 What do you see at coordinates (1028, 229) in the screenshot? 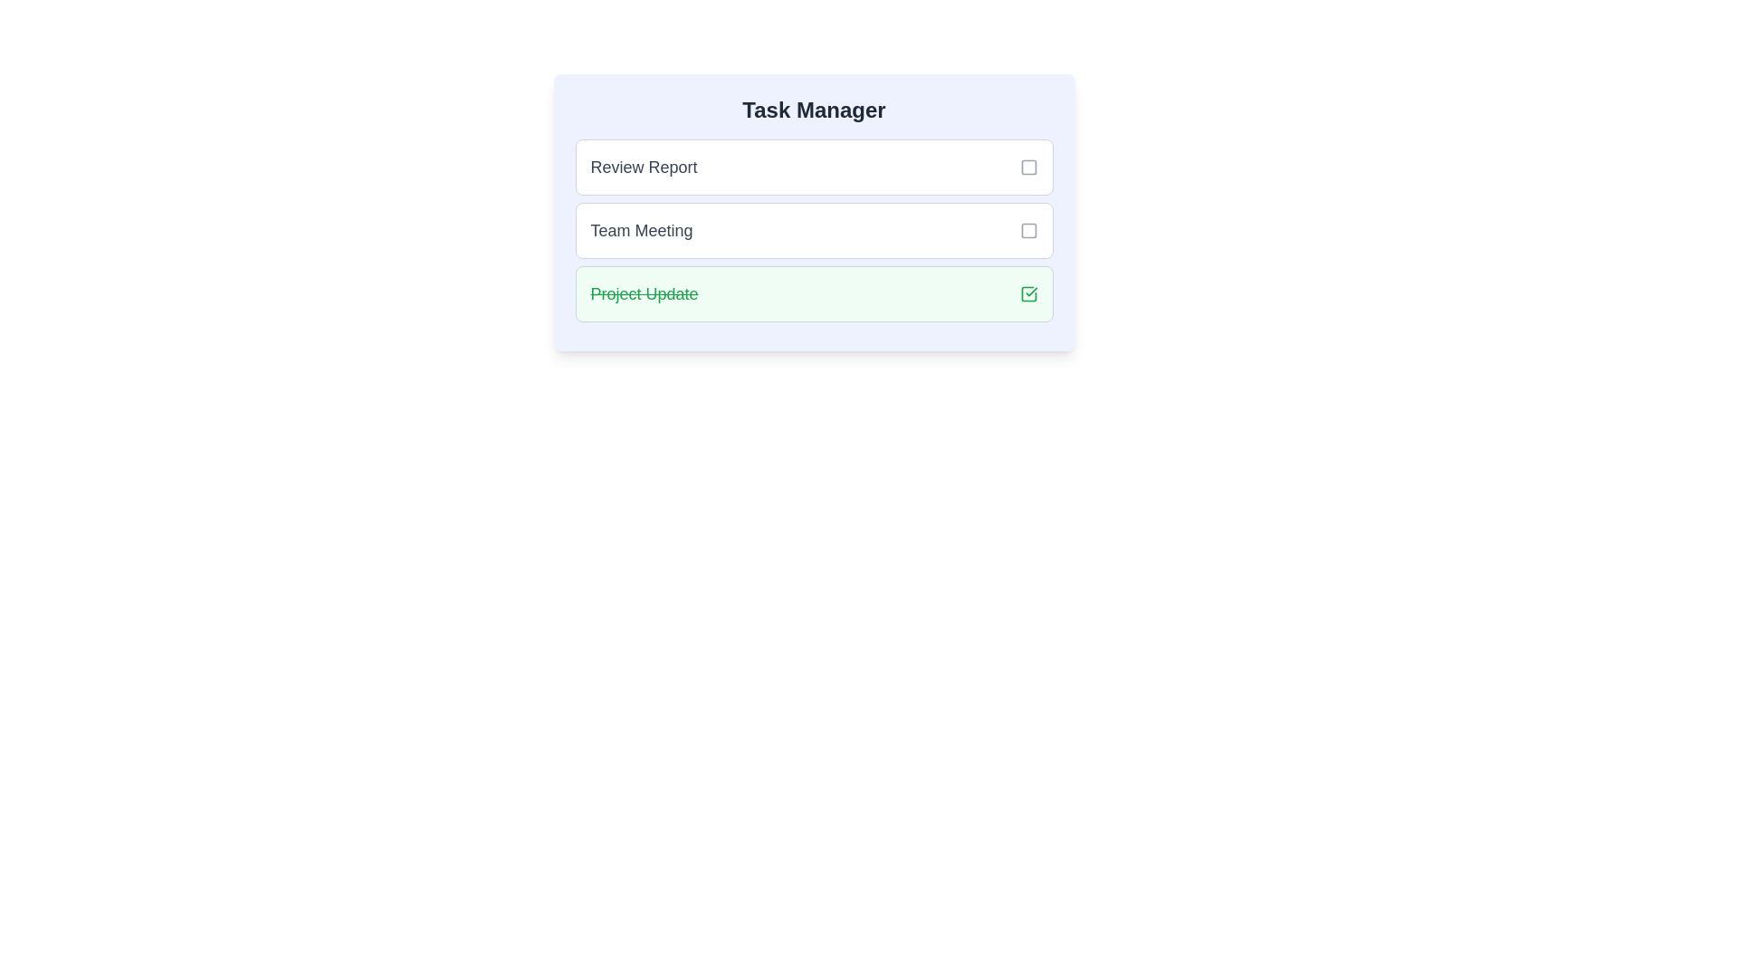
I see `the square-shaped icon with a thin border and light gray color located to the right of the 'Team Meeting' text label` at bounding box center [1028, 229].